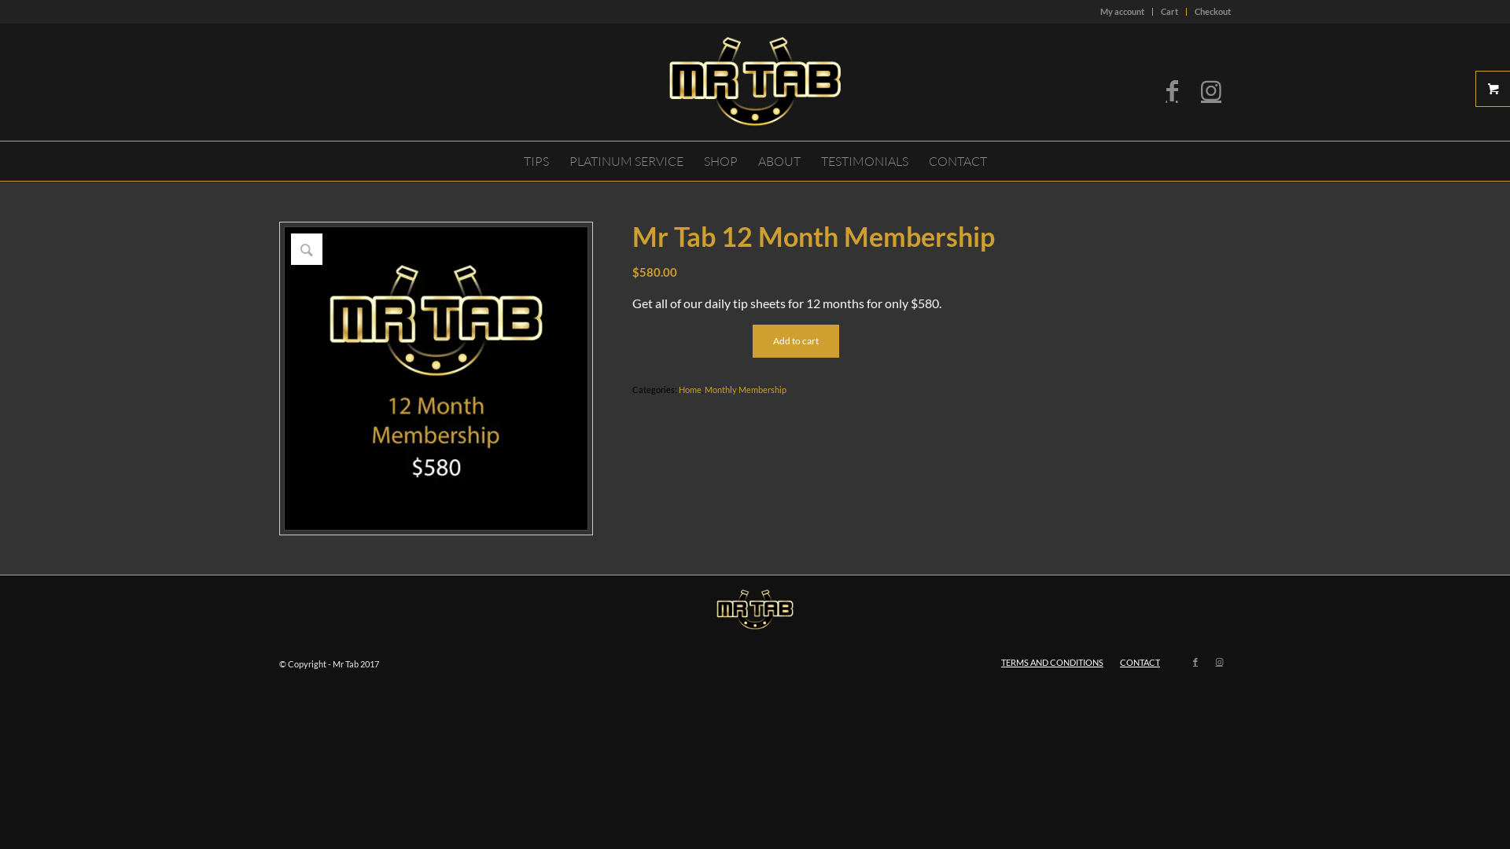 This screenshot has height=849, width=1510. I want to click on 'Checkout', so click(1211, 11).